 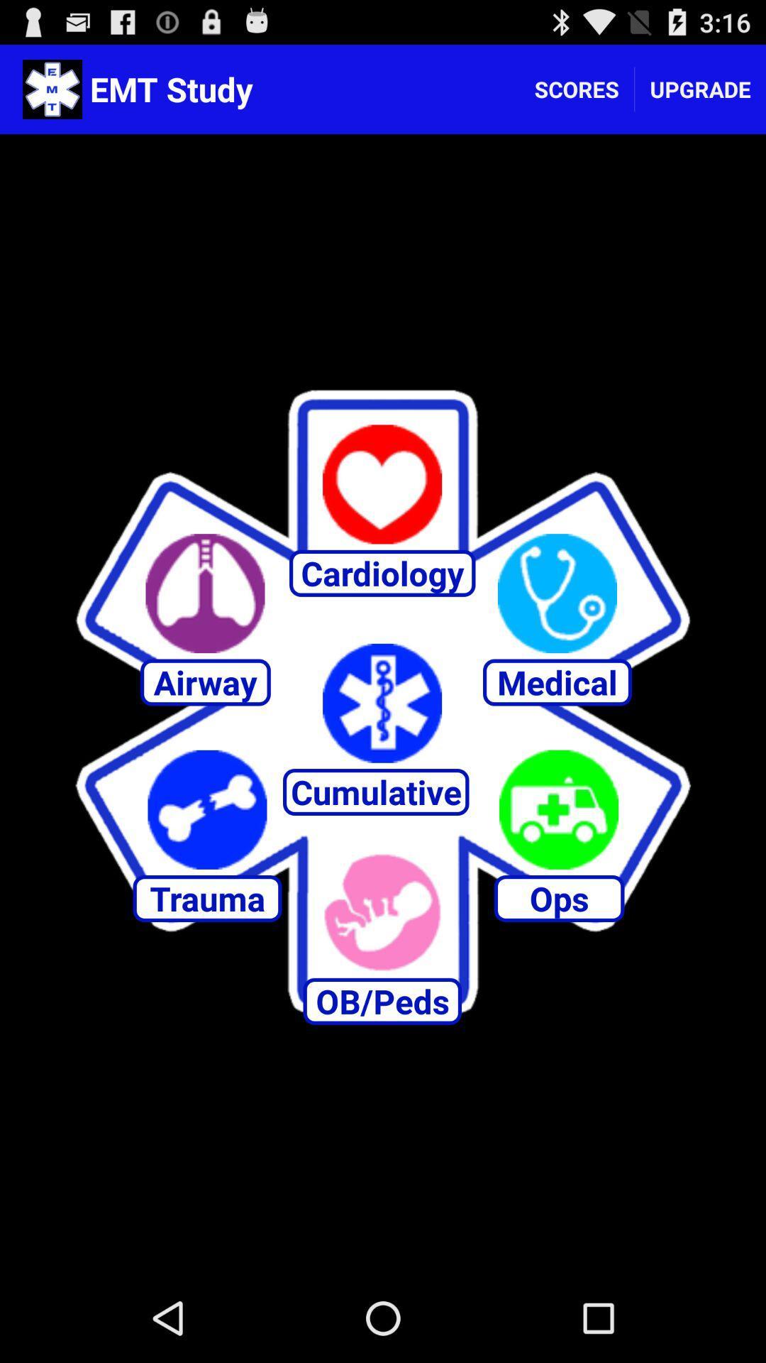 I want to click on ambulance, so click(x=558, y=809).